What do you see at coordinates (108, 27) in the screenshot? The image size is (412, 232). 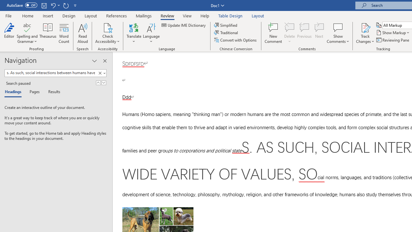 I see `'Check Accessibility'` at bounding box center [108, 27].